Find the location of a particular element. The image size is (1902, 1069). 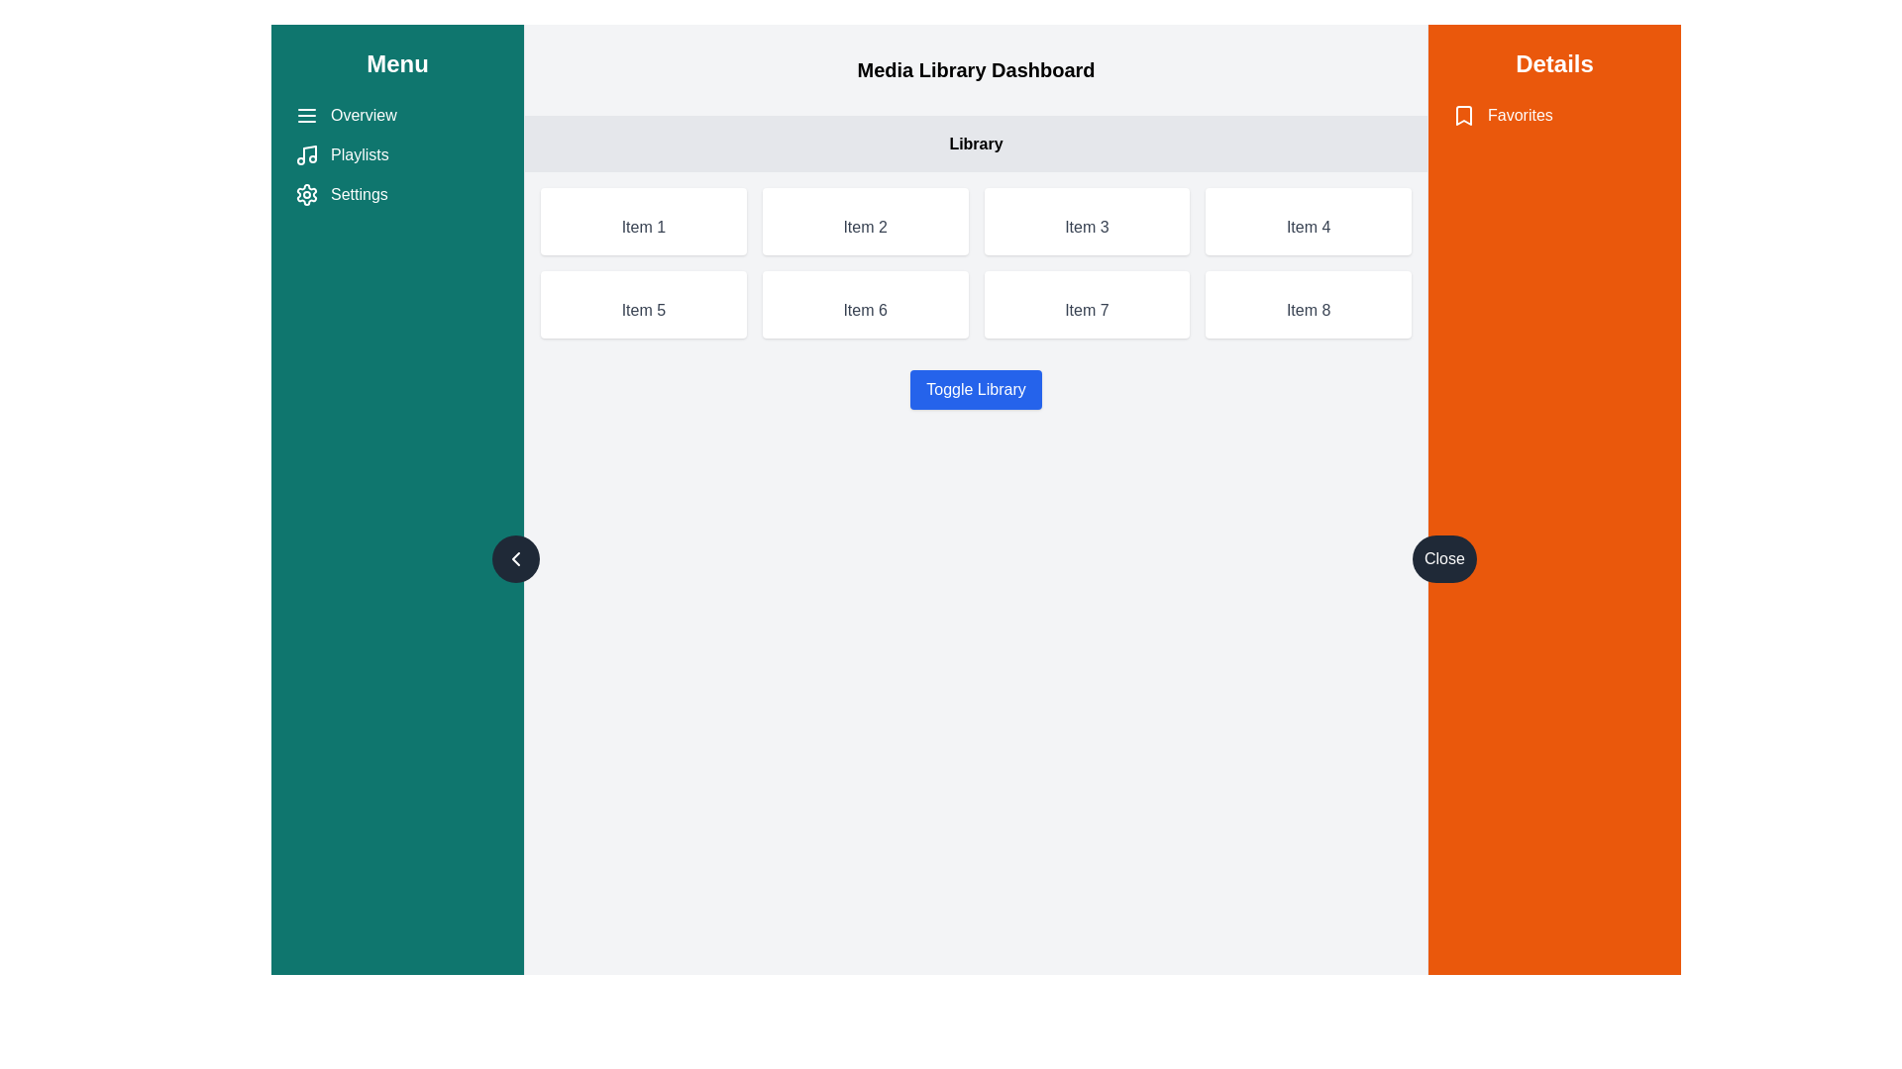

the Navigation Menu located on the left side of the interface is located at coordinates (396, 154).